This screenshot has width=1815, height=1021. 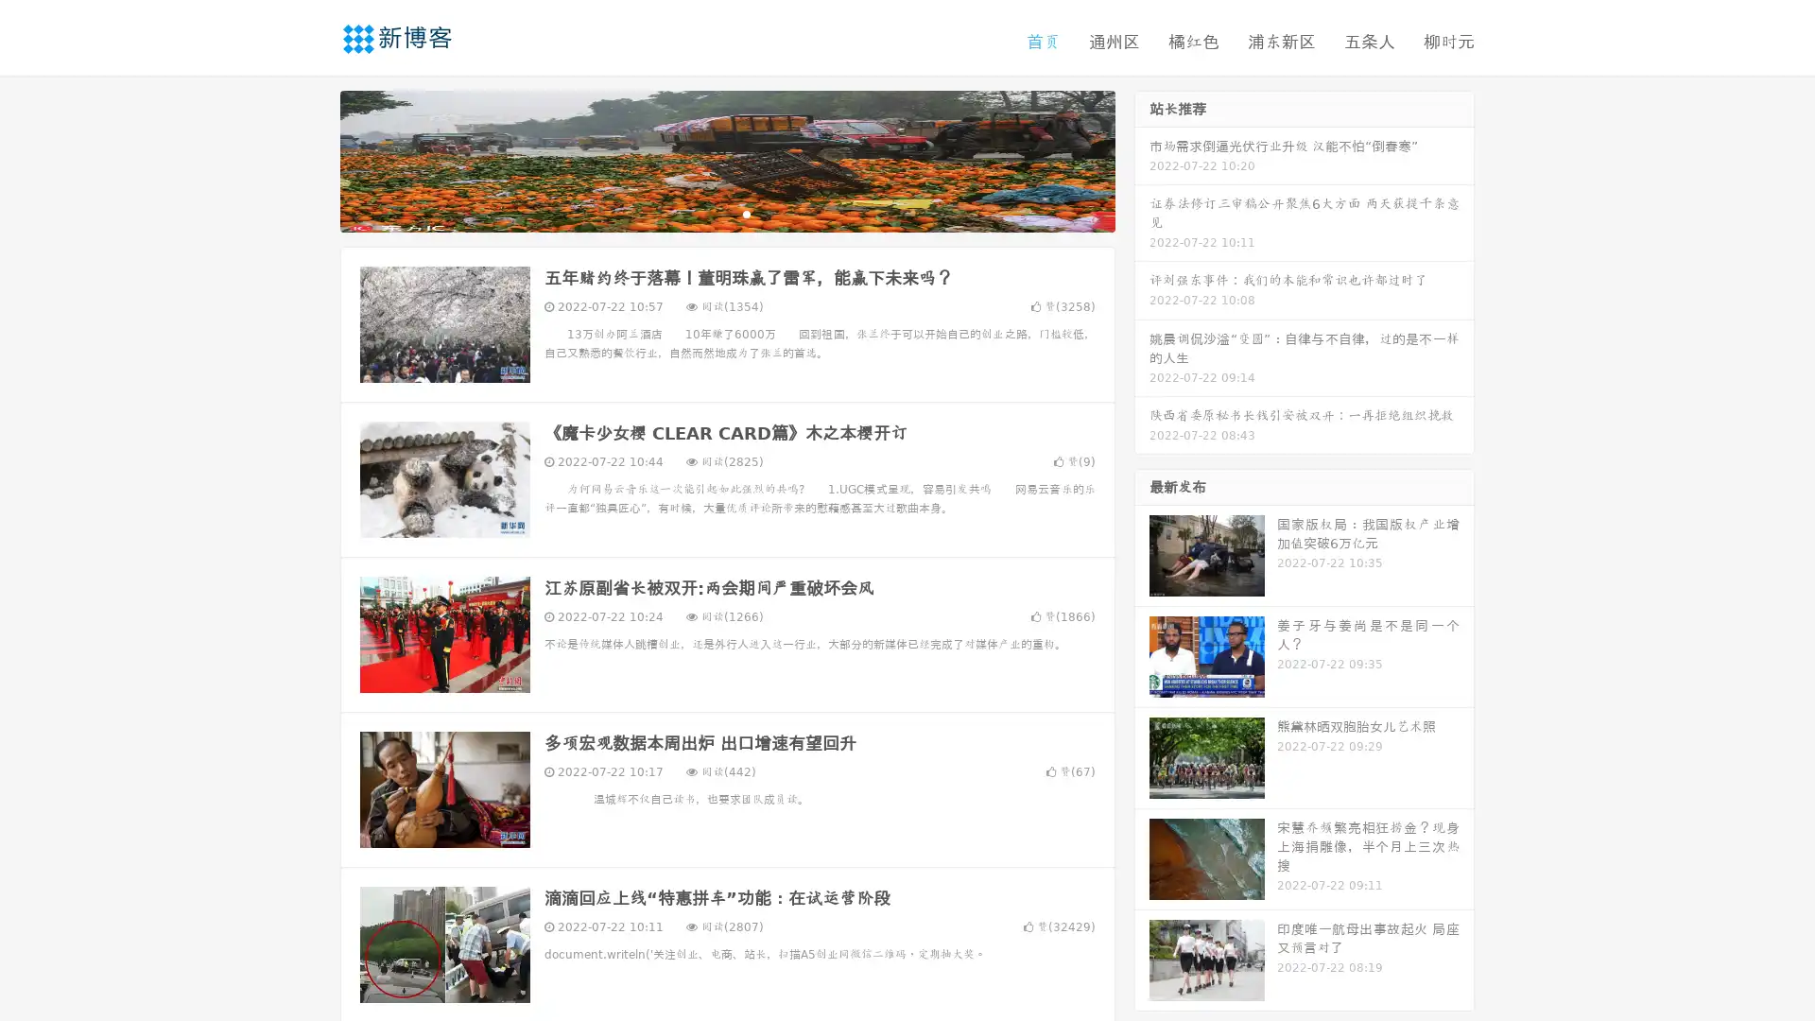 What do you see at coordinates (312, 159) in the screenshot?
I see `Previous slide` at bounding box center [312, 159].